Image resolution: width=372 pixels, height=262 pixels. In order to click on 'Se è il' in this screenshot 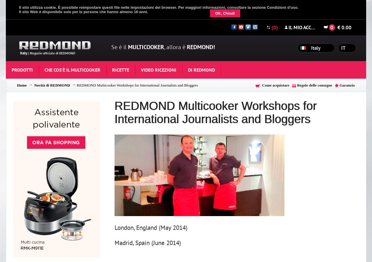, I will do `click(119, 47)`.